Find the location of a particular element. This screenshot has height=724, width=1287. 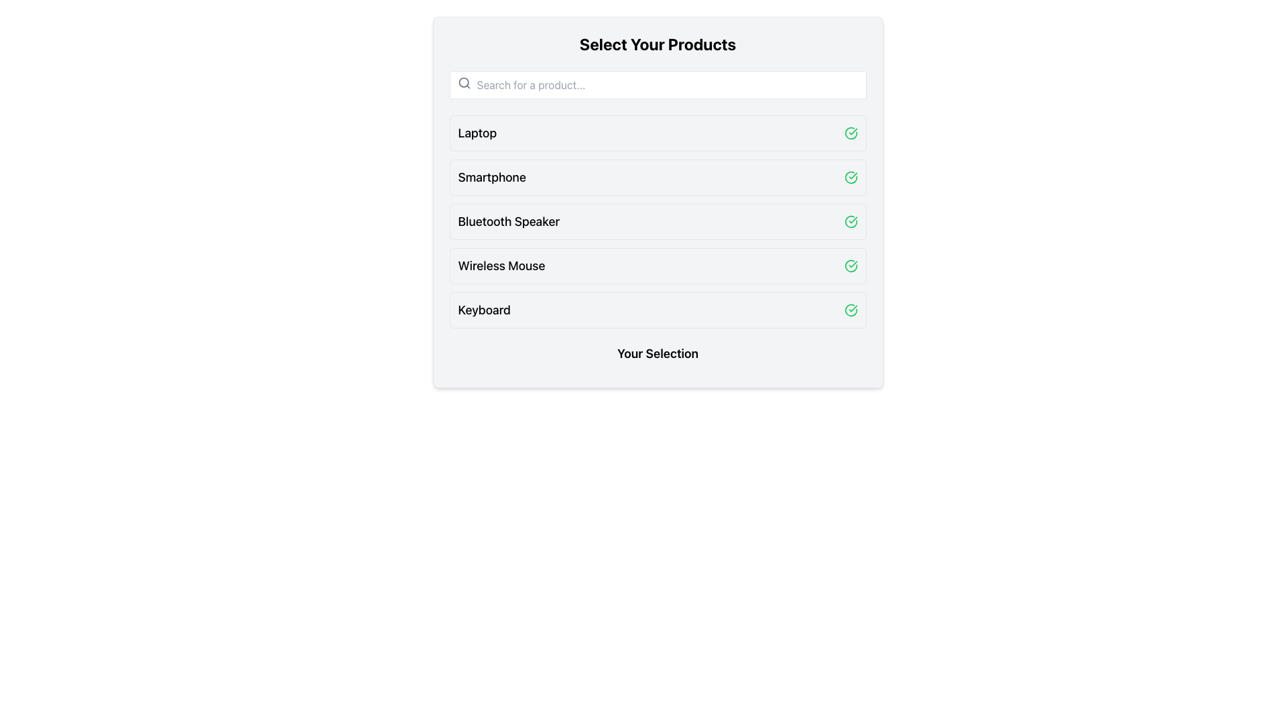

the circular green outlined icon with a checkmark inside, located at the far right side of the row labeled 'Laptop' is located at coordinates (850, 133).